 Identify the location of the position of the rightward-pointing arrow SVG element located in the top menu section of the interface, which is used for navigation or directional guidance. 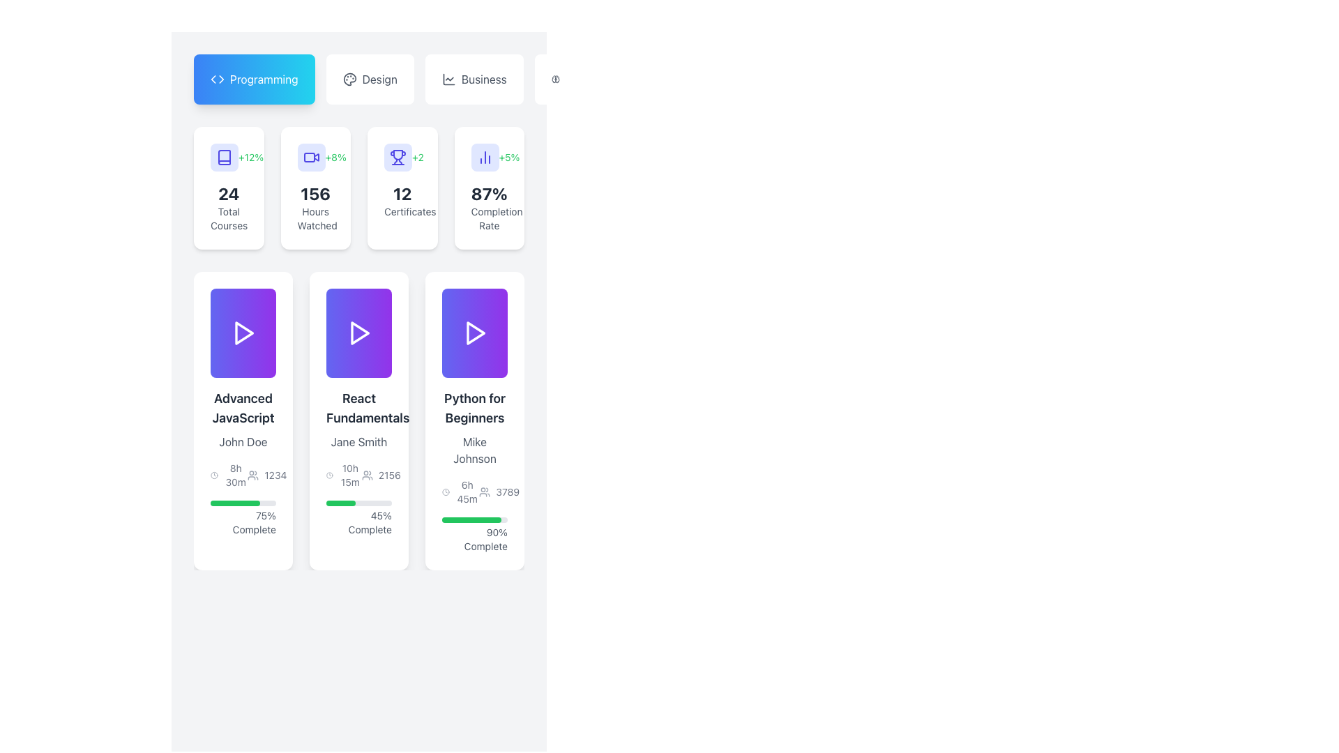
(220, 79).